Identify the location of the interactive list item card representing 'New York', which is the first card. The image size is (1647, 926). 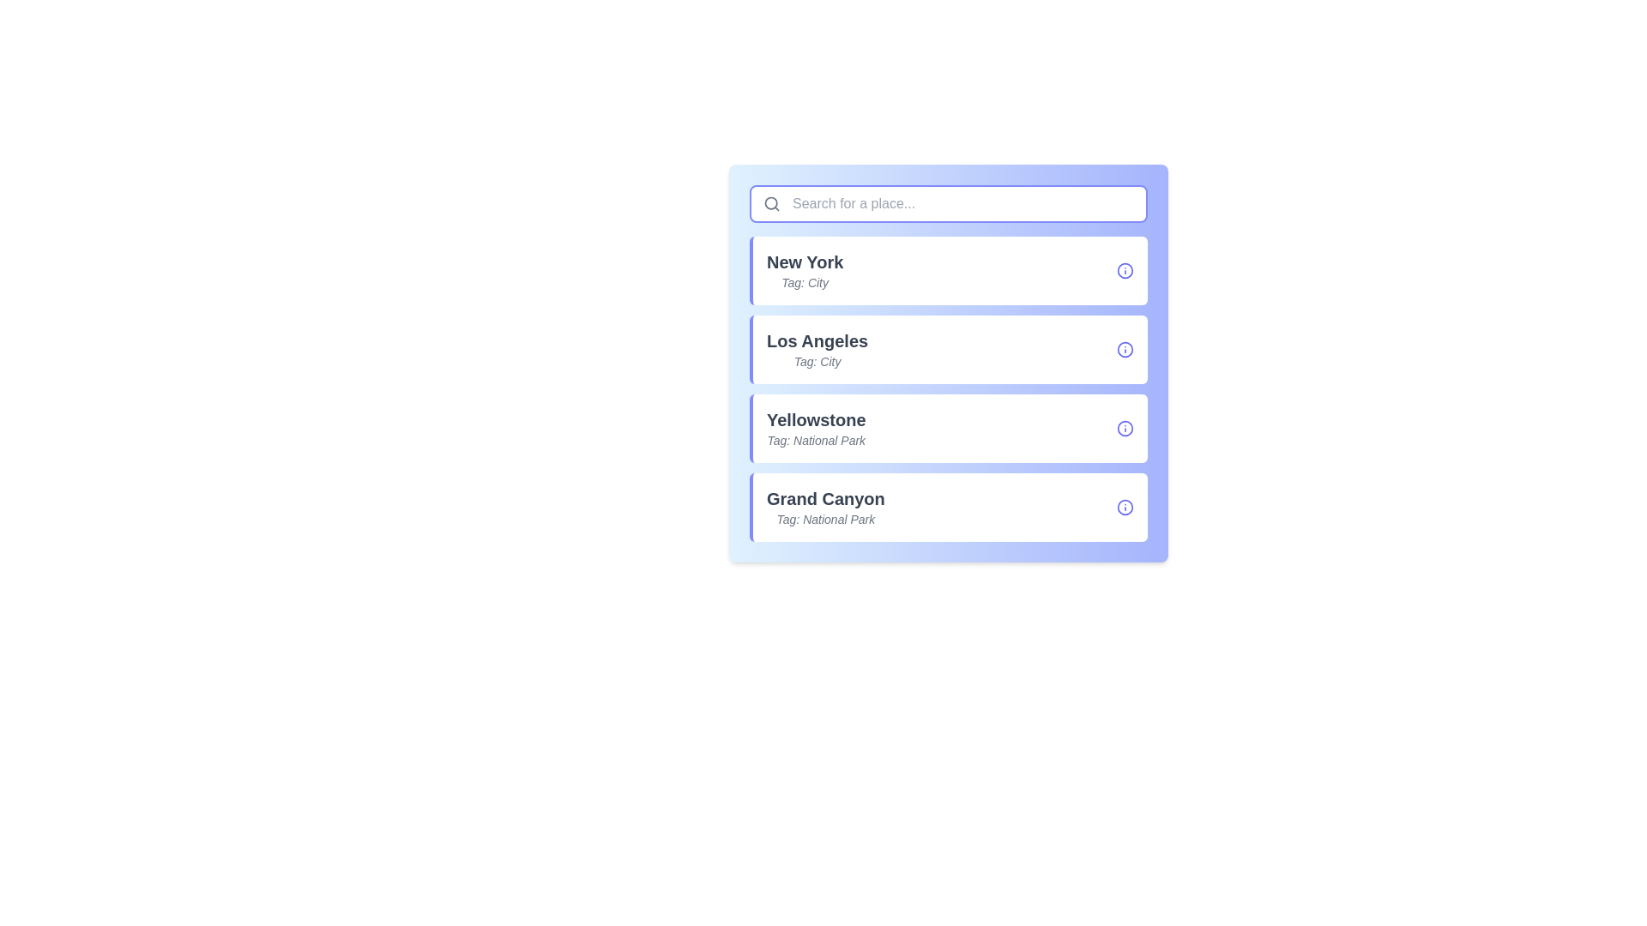
(947, 270).